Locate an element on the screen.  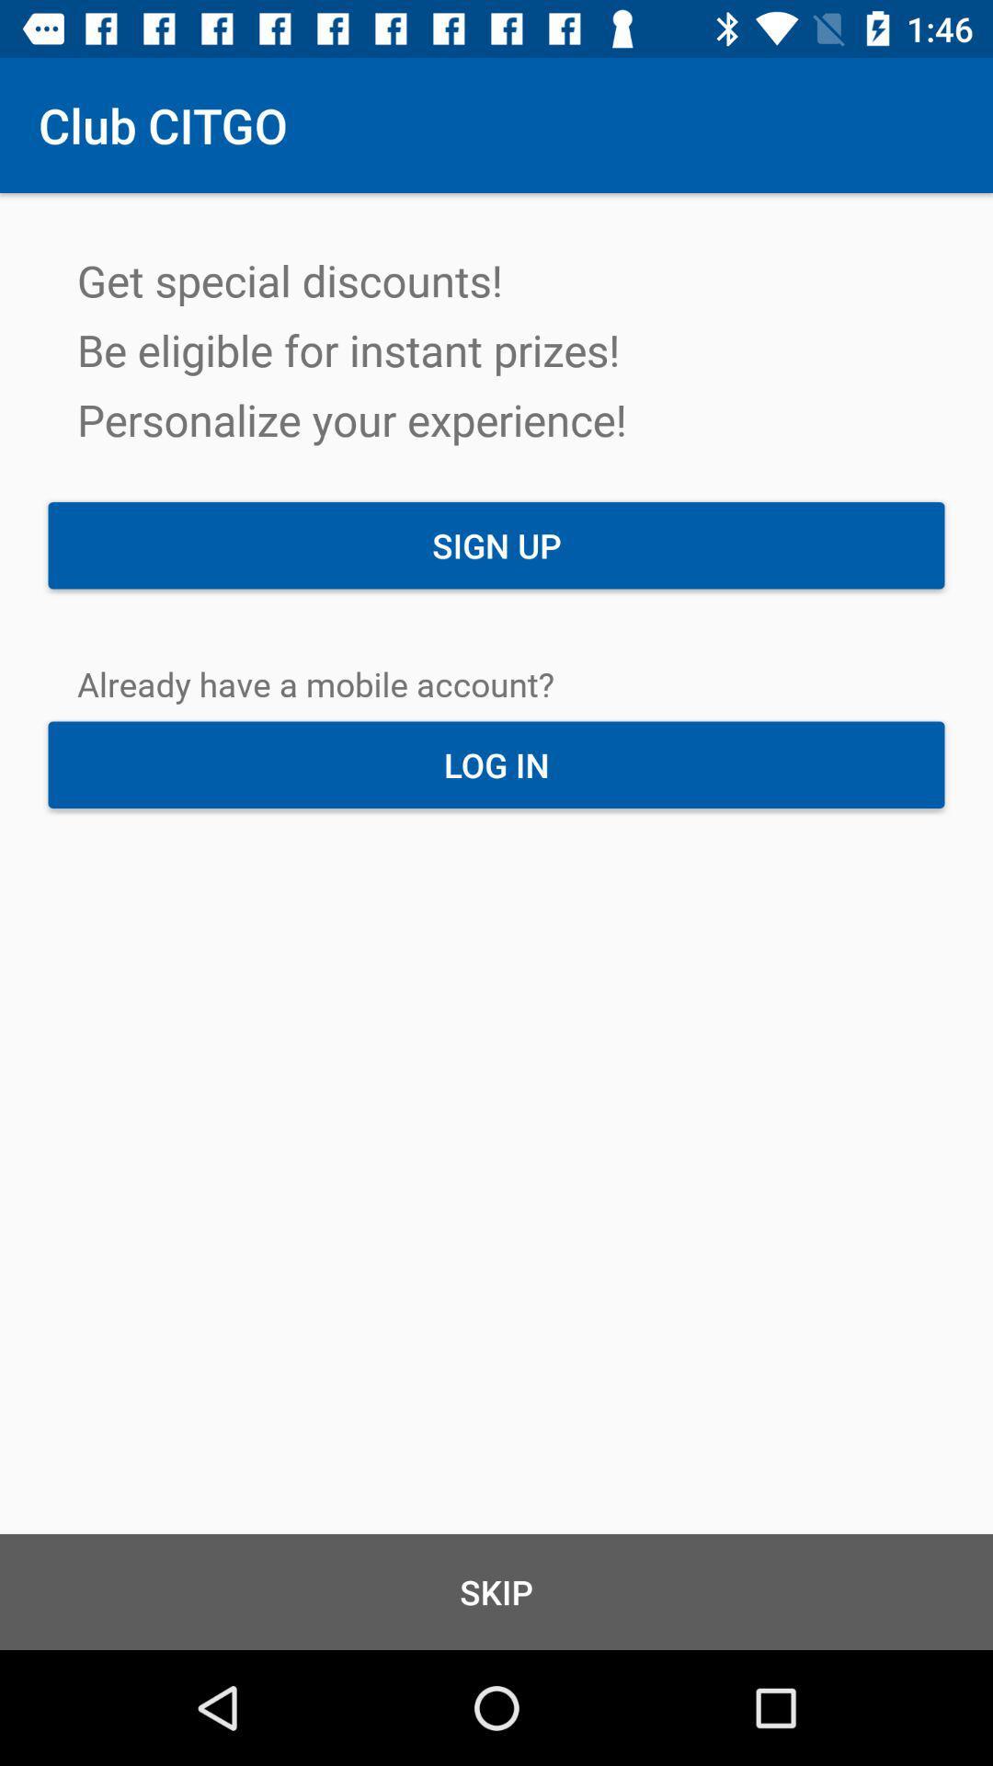
sign up item is located at coordinates (496, 545).